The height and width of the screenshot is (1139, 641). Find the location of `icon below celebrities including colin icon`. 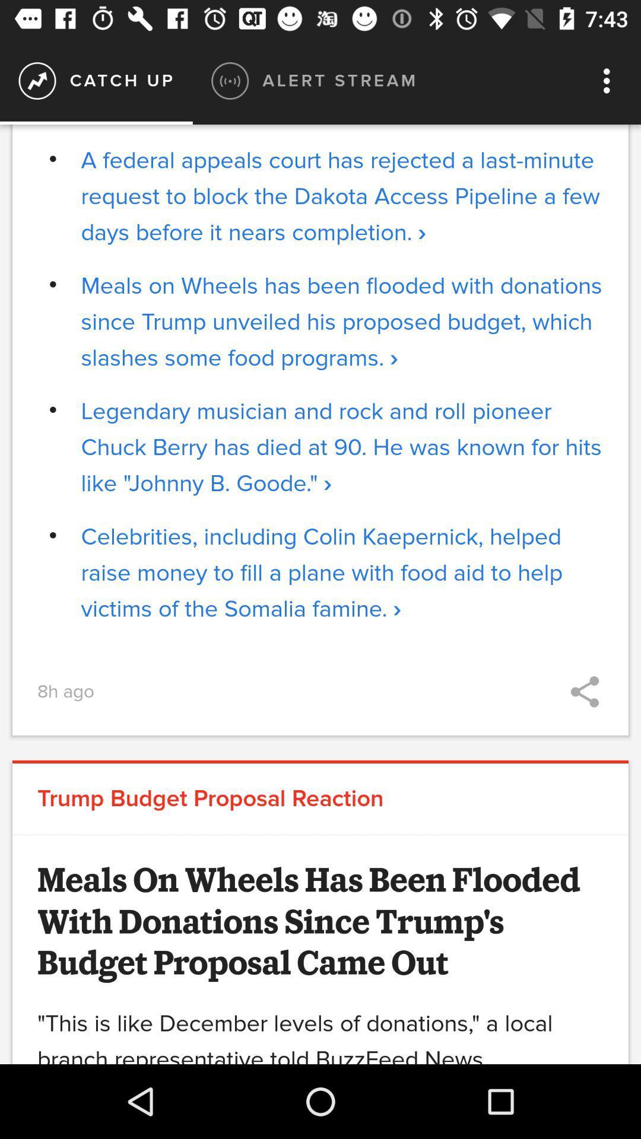

icon below celebrities including colin icon is located at coordinates (584, 692).